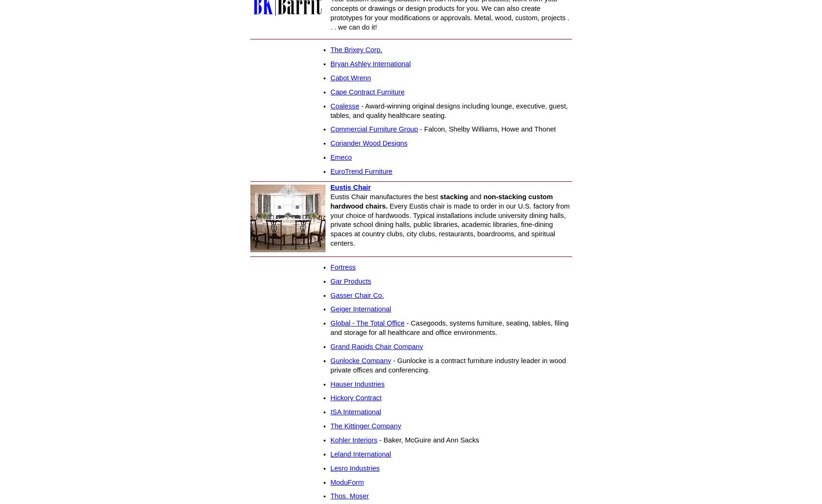 The width and height of the screenshot is (822, 504). What do you see at coordinates (449, 110) in the screenshot?
I see `'- Award-winning original designs including lounge, executive, guest, tables, and quality healthcare seating.'` at bounding box center [449, 110].